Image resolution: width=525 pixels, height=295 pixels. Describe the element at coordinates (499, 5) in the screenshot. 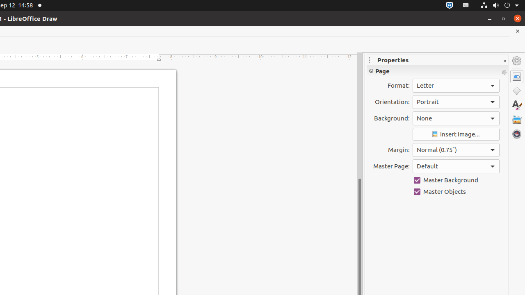

I see `'System'` at that location.